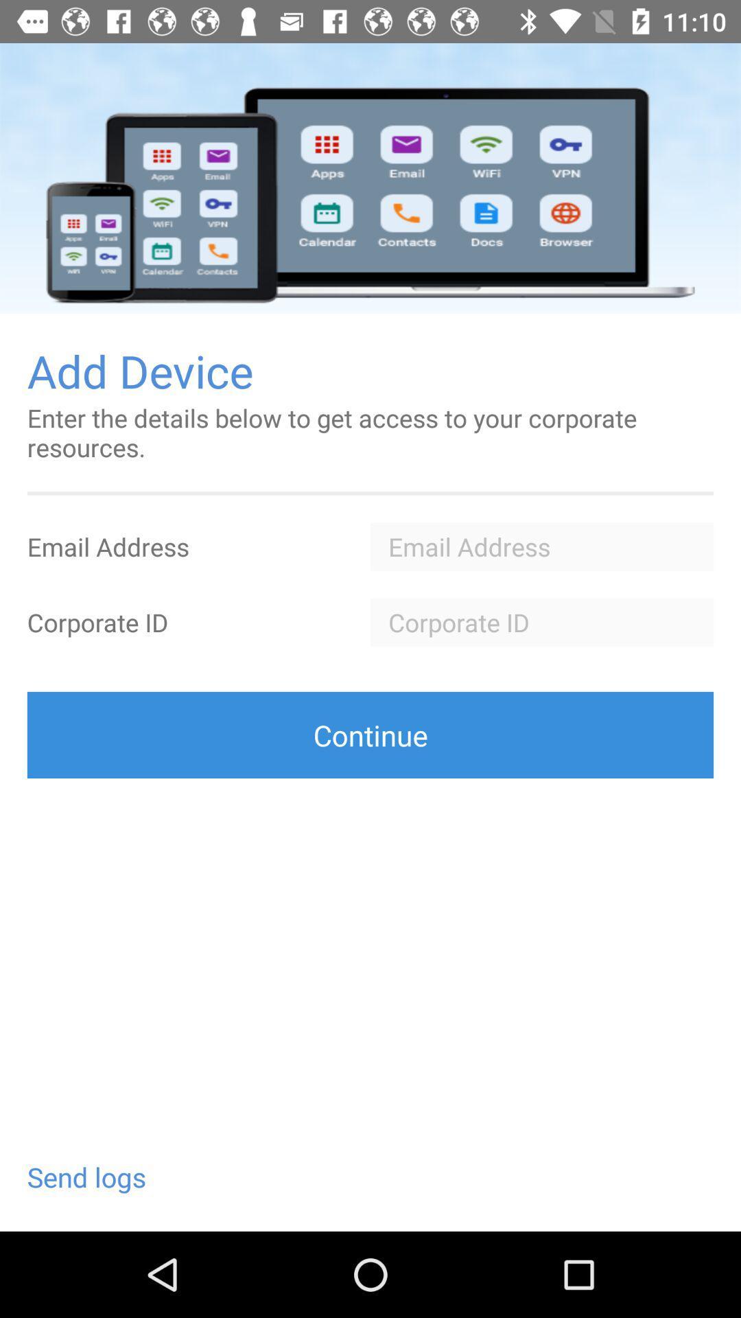  I want to click on corporate id, so click(541, 621).